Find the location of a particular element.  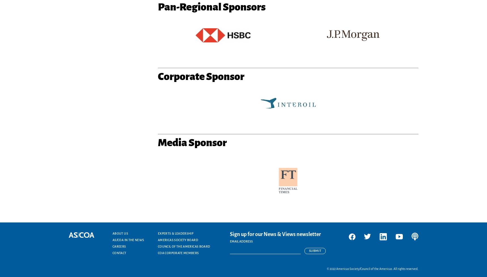

'Americas Society Board' is located at coordinates (157, 239).